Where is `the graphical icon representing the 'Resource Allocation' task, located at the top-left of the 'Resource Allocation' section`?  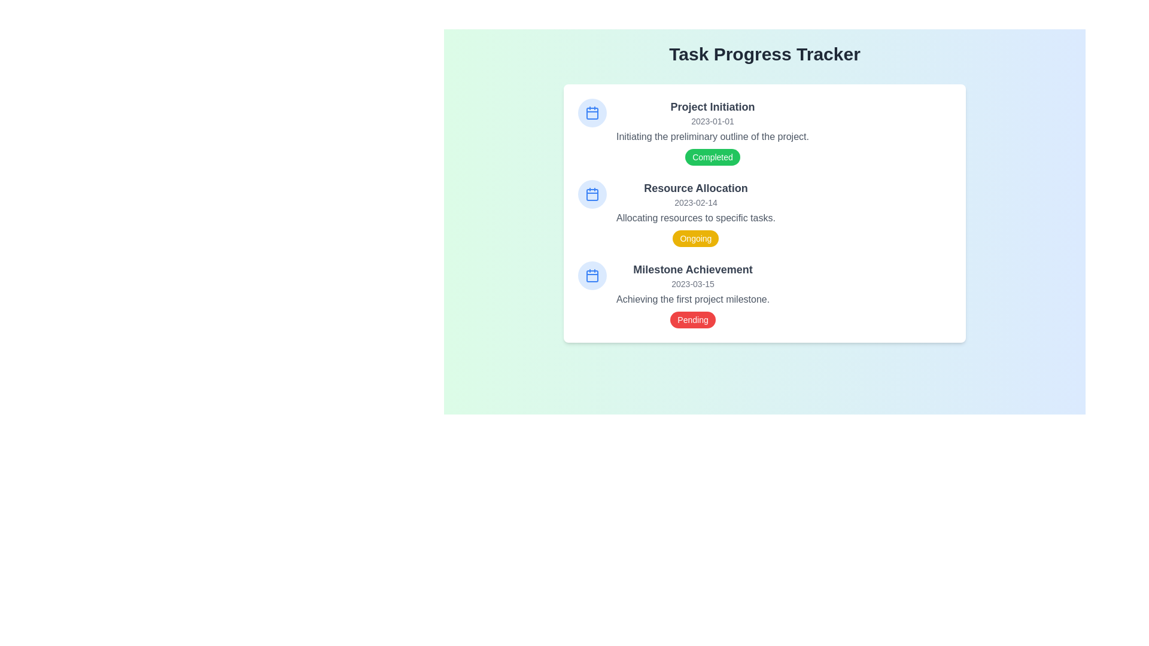
the graphical icon representing the 'Resource Allocation' task, located at the top-left of the 'Resource Allocation' section is located at coordinates (592, 193).